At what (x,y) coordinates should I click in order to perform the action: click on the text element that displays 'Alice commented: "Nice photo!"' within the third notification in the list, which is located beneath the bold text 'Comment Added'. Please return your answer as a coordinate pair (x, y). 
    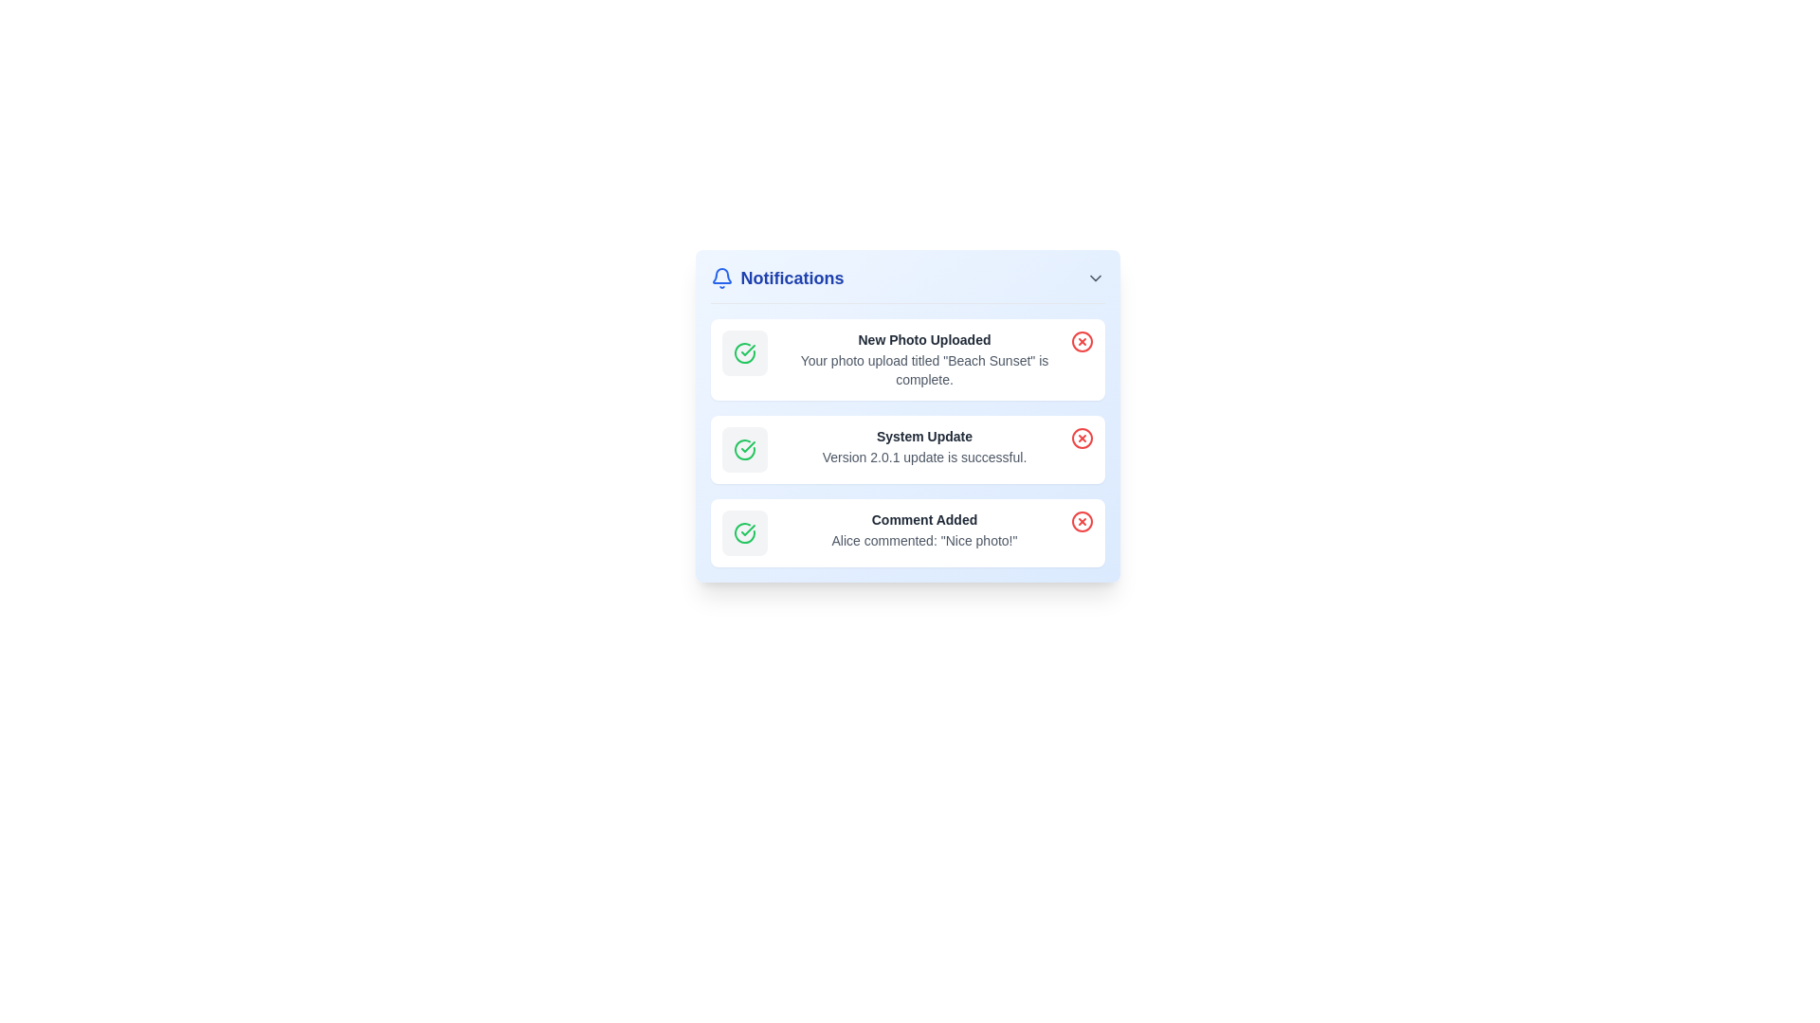
    Looking at the image, I should click on (924, 540).